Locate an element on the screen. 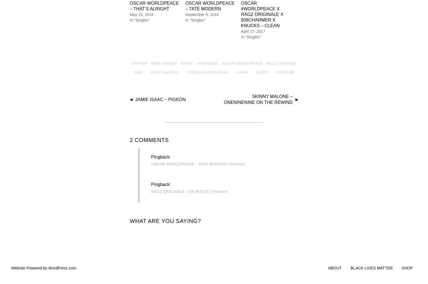 The image size is (428, 284). 'Oscar #worldpeace' is located at coordinates (243, 63).